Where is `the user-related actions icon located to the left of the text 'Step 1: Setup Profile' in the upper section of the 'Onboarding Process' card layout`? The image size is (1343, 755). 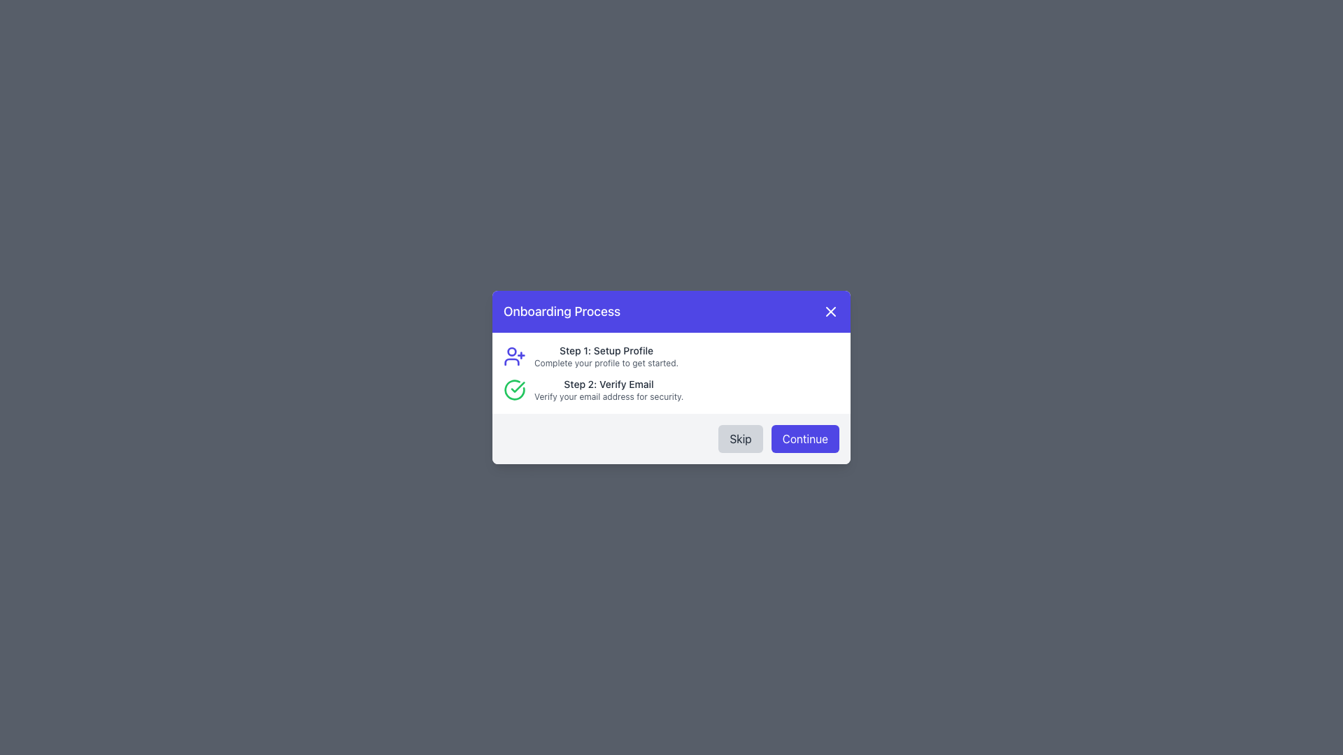
the user-related actions icon located to the left of the text 'Step 1: Setup Profile' in the upper section of the 'Onboarding Process' card layout is located at coordinates (513, 355).